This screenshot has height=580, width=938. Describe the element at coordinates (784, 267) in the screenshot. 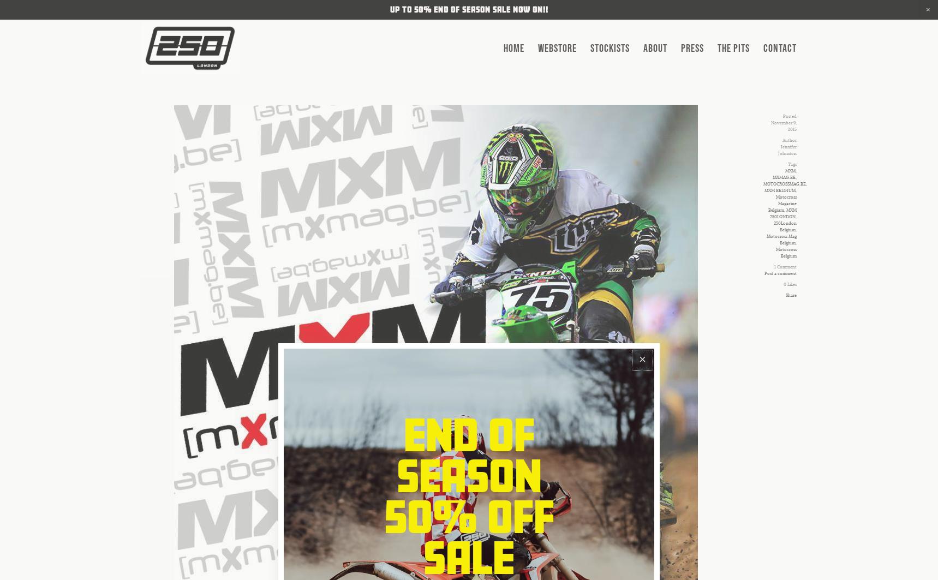

I see `'1 Comment'` at that location.